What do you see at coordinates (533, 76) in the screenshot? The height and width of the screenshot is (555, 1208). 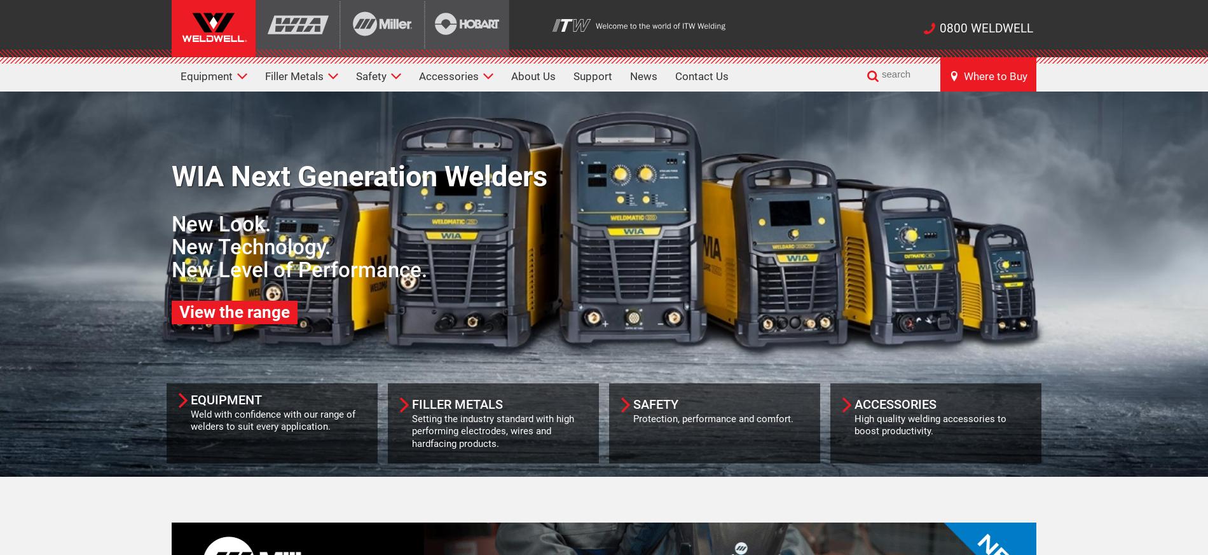 I see `'About Us'` at bounding box center [533, 76].